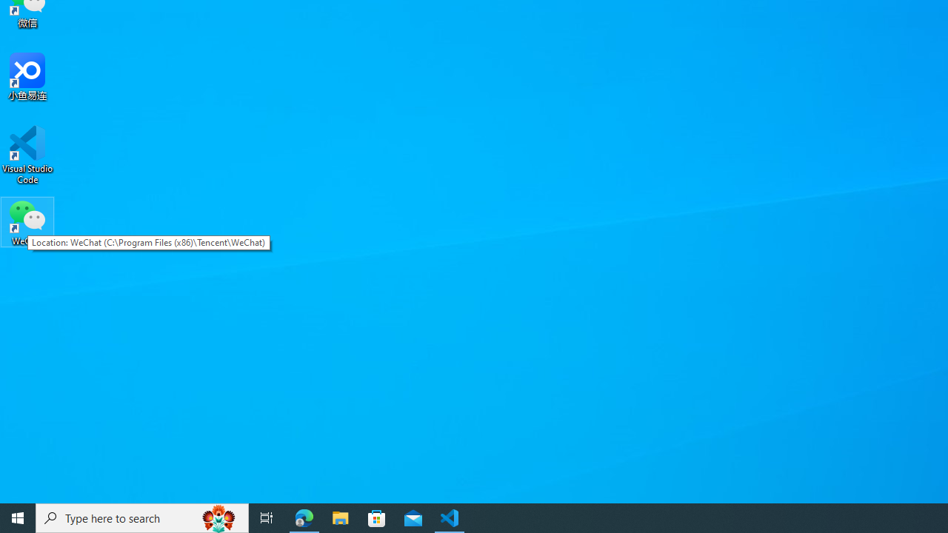 The height and width of the screenshot is (533, 948). Describe the element at coordinates (304, 517) in the screenshot. I see `'Microsoft Edge - 1 running window'` at that location.